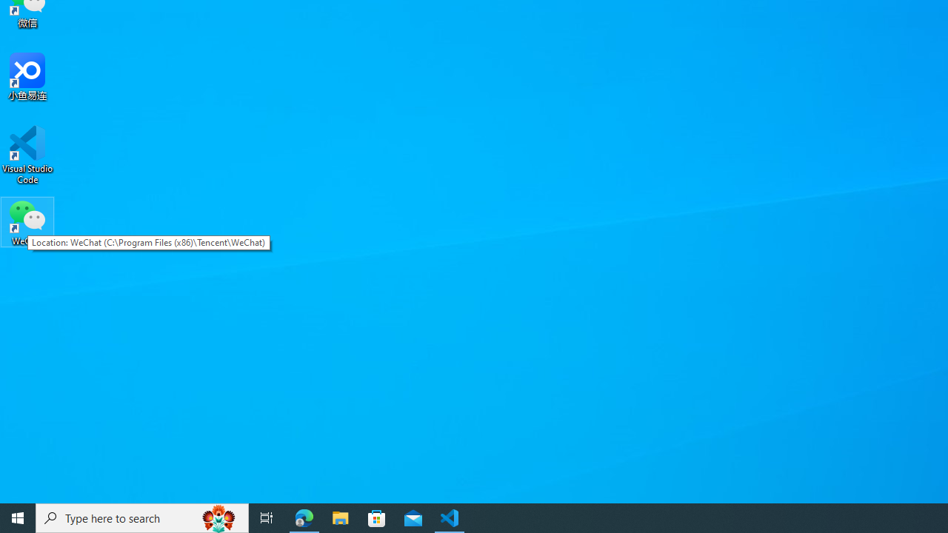 The height and width of the screenshot is (533, 948). Describe the element at coordinates (304, 517) in the screenshot. I see `'Microsoft Edge - 1 running window'` at that location.